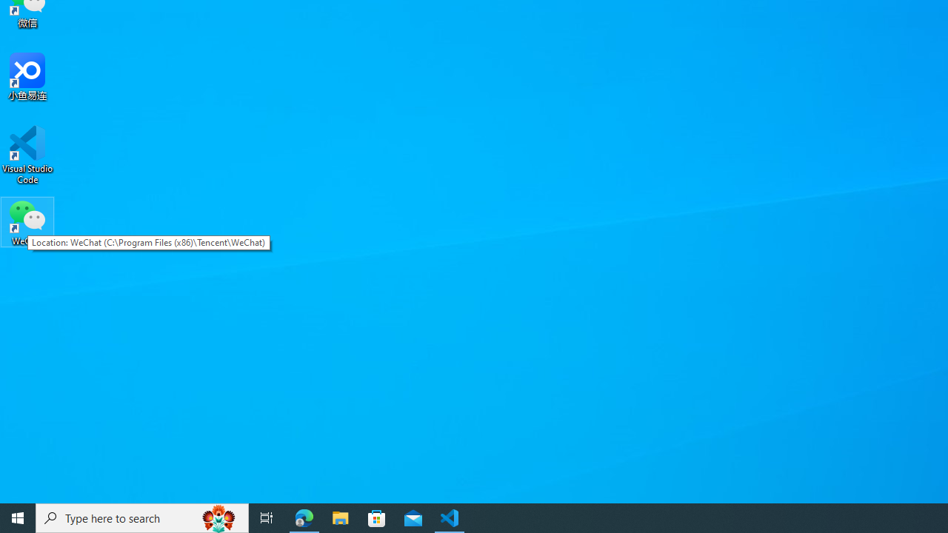 The height and width of the screenshot is (533, 948). Describe the element at coordinates (304, 517) in the screenshot. I see `'Microsoft Edge - 1 running window'` at that location.